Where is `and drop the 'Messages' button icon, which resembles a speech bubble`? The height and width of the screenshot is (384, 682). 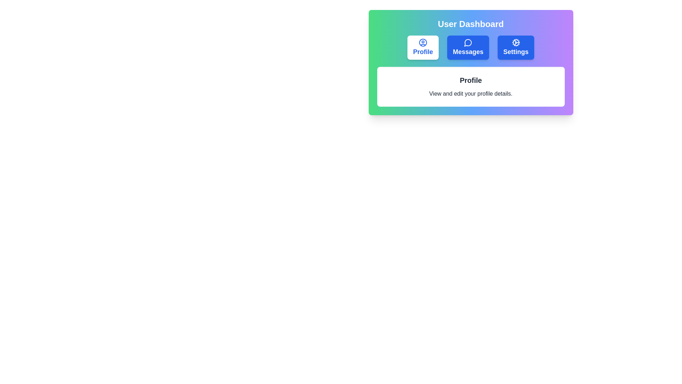
and drop the 'Messages' button icon, which resembles a speech bubble is located at coordinates (468, 42).